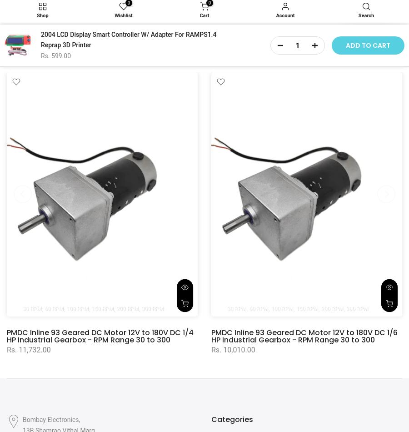 This screenshot has height=432, width=409. What do you see at coordinates (40, 40) in the screenshot?
I see `'2004 LCD Display Smart Controller W/ Adapter For RAMPS1.4 Reprap 3D Printer'` at bounding box center [40, 40].